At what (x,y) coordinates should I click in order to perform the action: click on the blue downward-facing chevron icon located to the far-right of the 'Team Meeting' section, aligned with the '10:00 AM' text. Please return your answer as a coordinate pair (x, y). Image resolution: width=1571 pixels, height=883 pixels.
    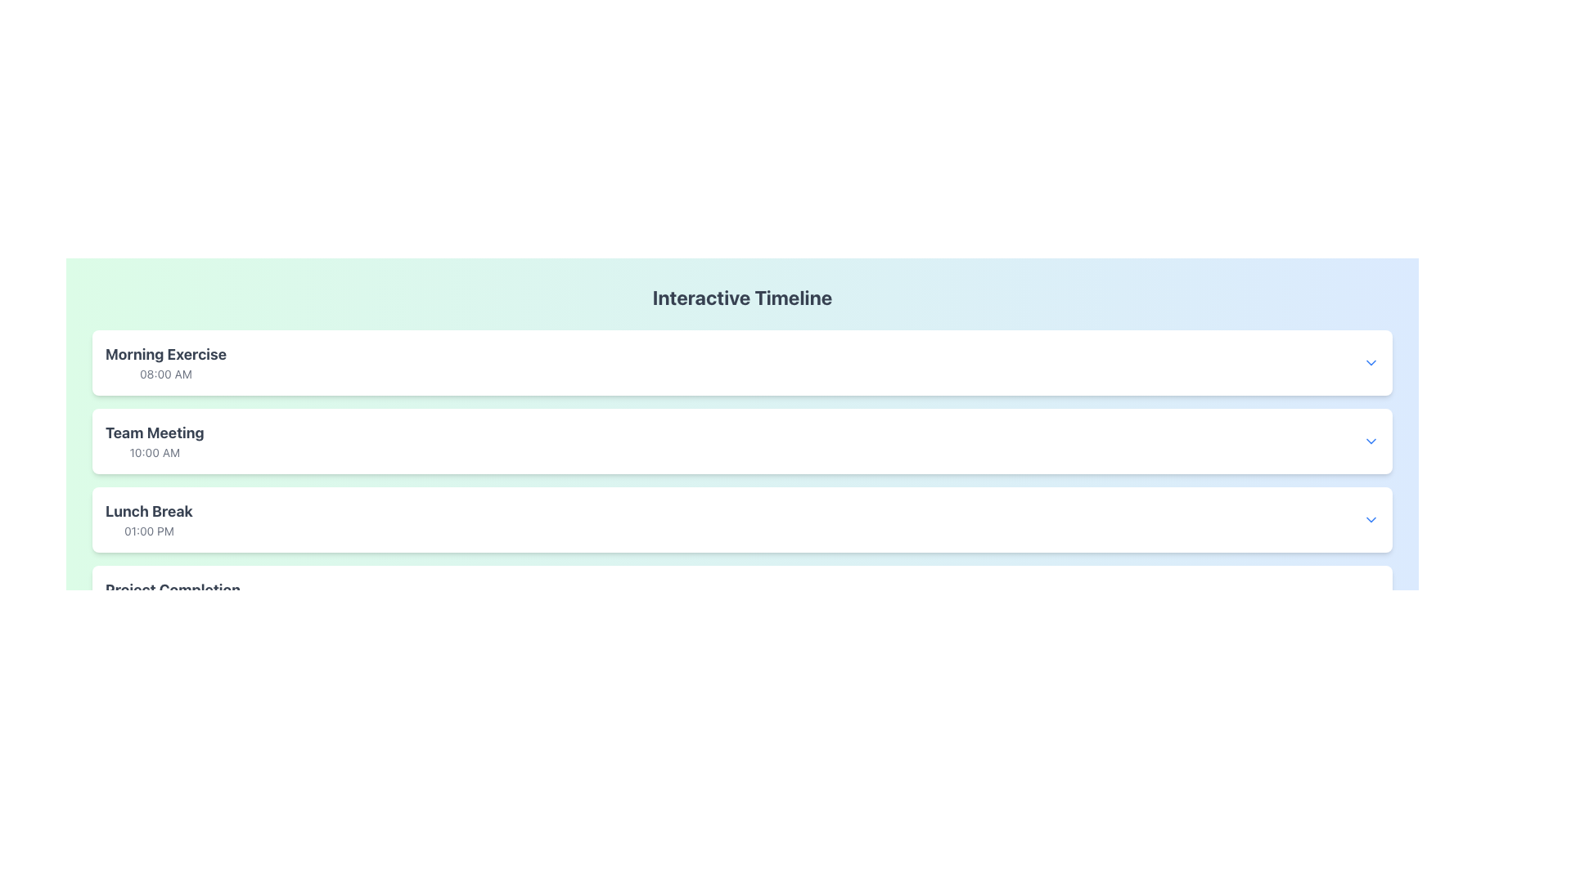
    Looking at the image, I should click on (1371, 441).